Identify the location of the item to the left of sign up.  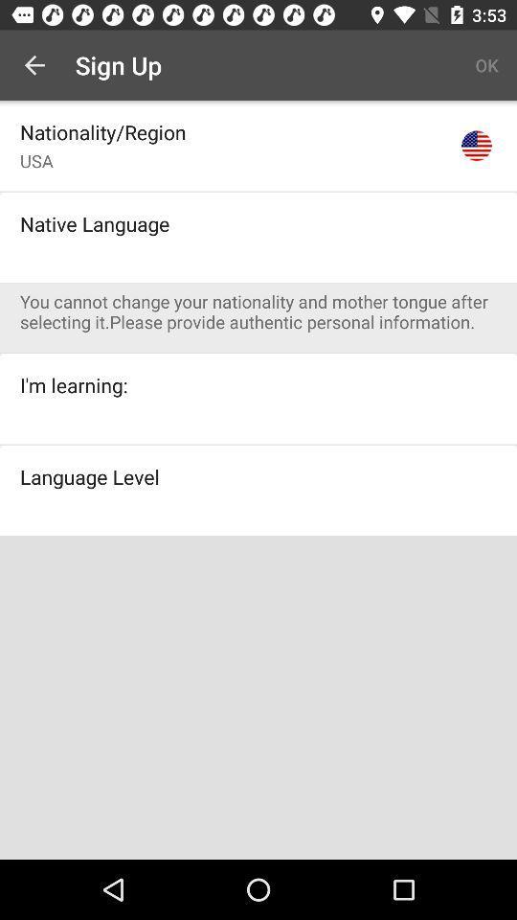
(34, 65).